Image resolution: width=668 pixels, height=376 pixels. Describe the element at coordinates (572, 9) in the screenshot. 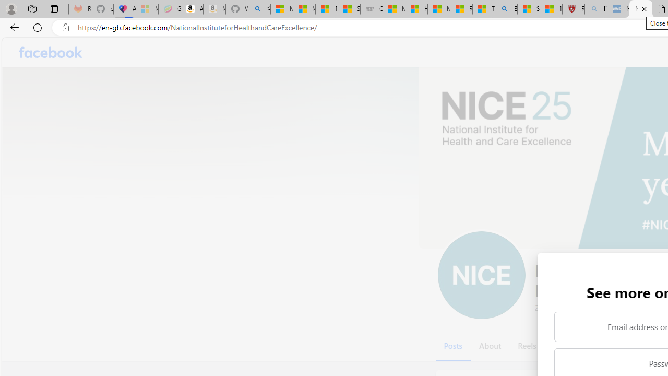

I see `'Robert H. Shmerling, MD - Harvard Health'` at that location.